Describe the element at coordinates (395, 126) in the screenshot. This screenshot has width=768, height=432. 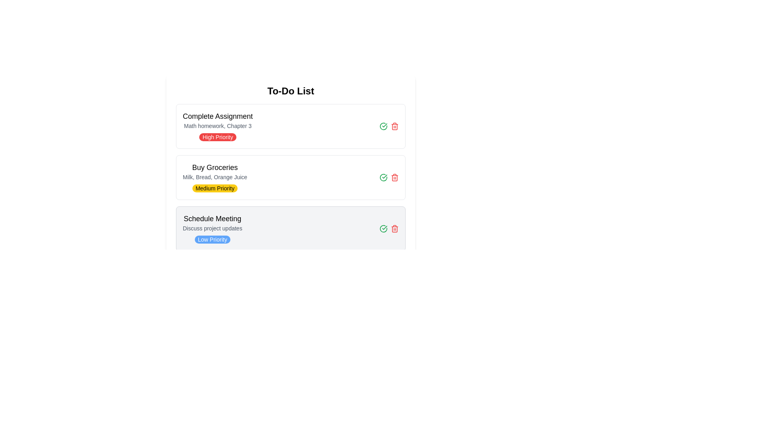
I see `the trash can icon representing the delete action located on the right side of the 'Complete Assignment' task in the task list interface` at that location.